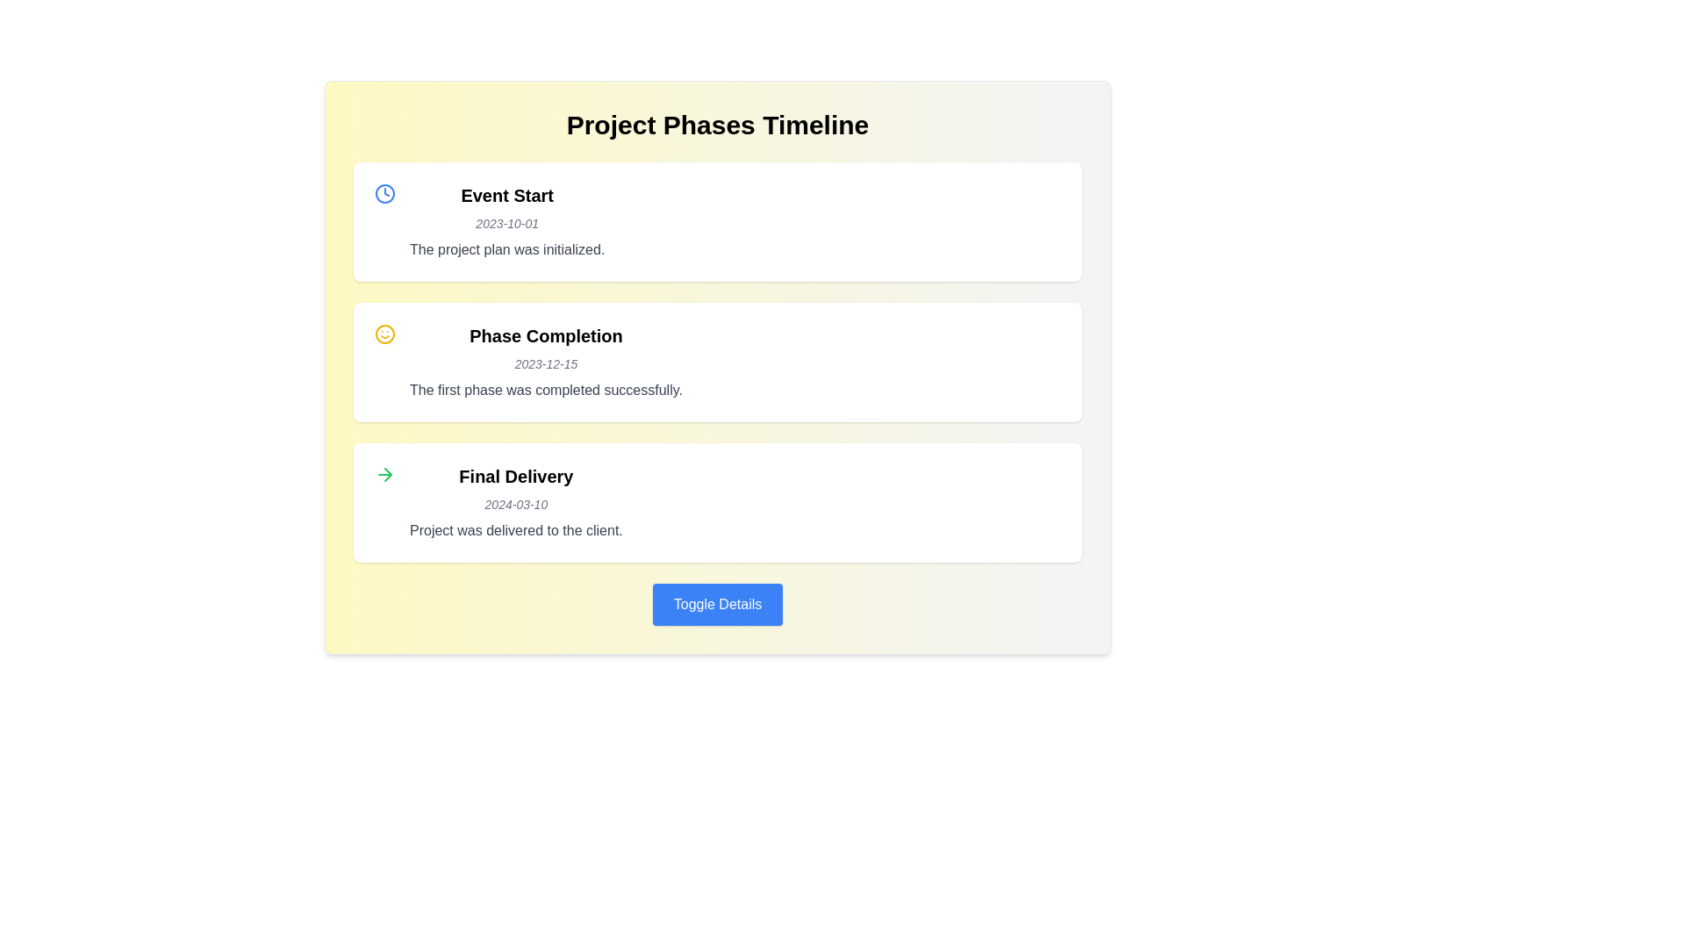 Image resolution: width=1685 pixels, height=948 pixels. Describe the element at coordinates (545, 335) in the screenshot. I see `the Text Label that identifies the phase as 'Phase Completion', located above the date '2023-12-15' in the timeline section` at that location.